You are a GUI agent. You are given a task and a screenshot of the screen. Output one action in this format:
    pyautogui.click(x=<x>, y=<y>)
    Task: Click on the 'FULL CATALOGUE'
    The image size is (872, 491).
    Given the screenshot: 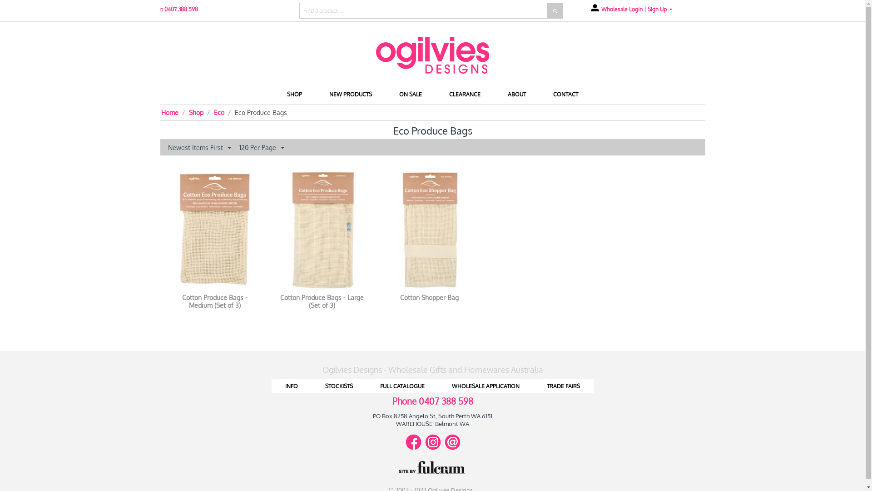 What is the action you would take?
    pyautogui.click(x=402, y=386)
    